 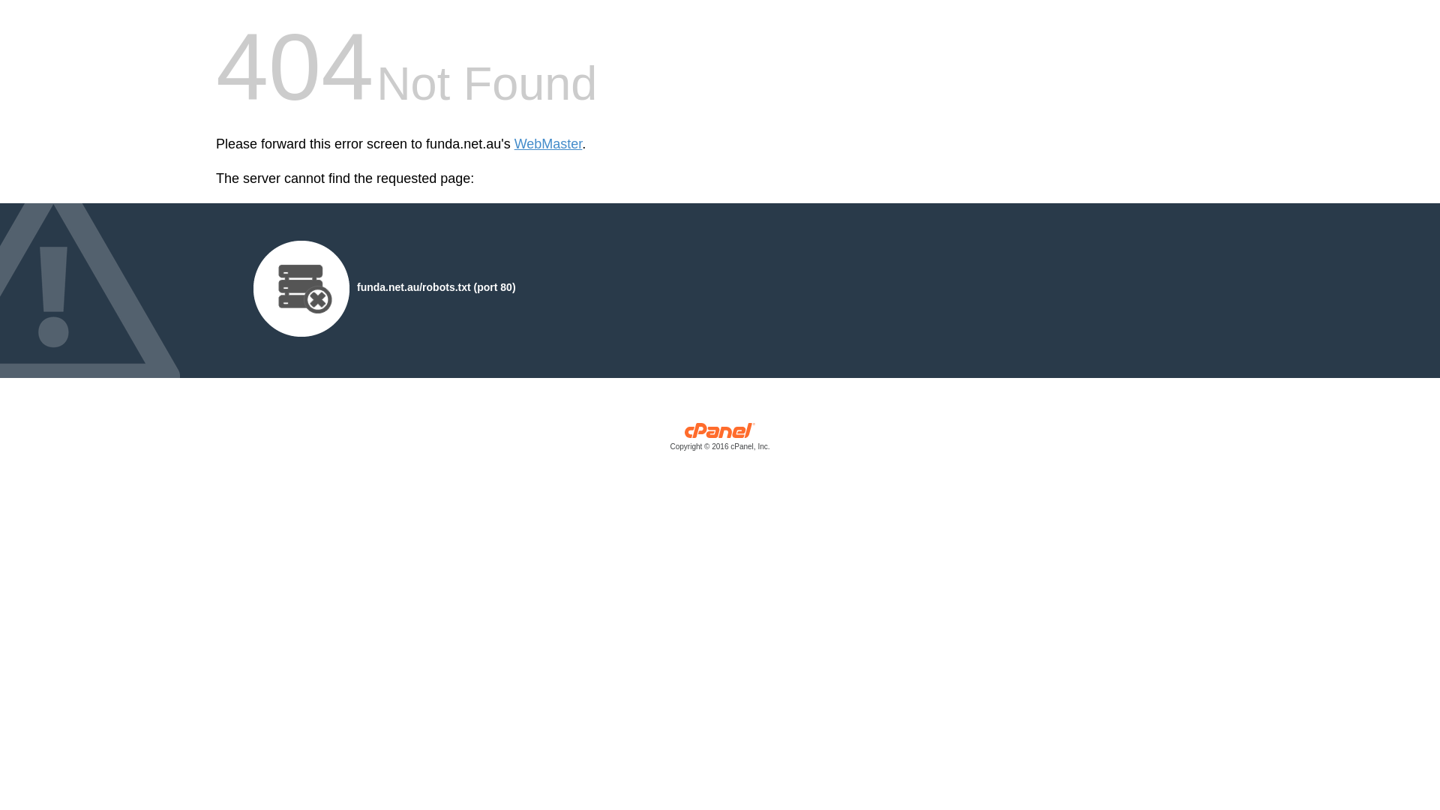 I want to click on 'WebMaster', so click(x=547, y=144).